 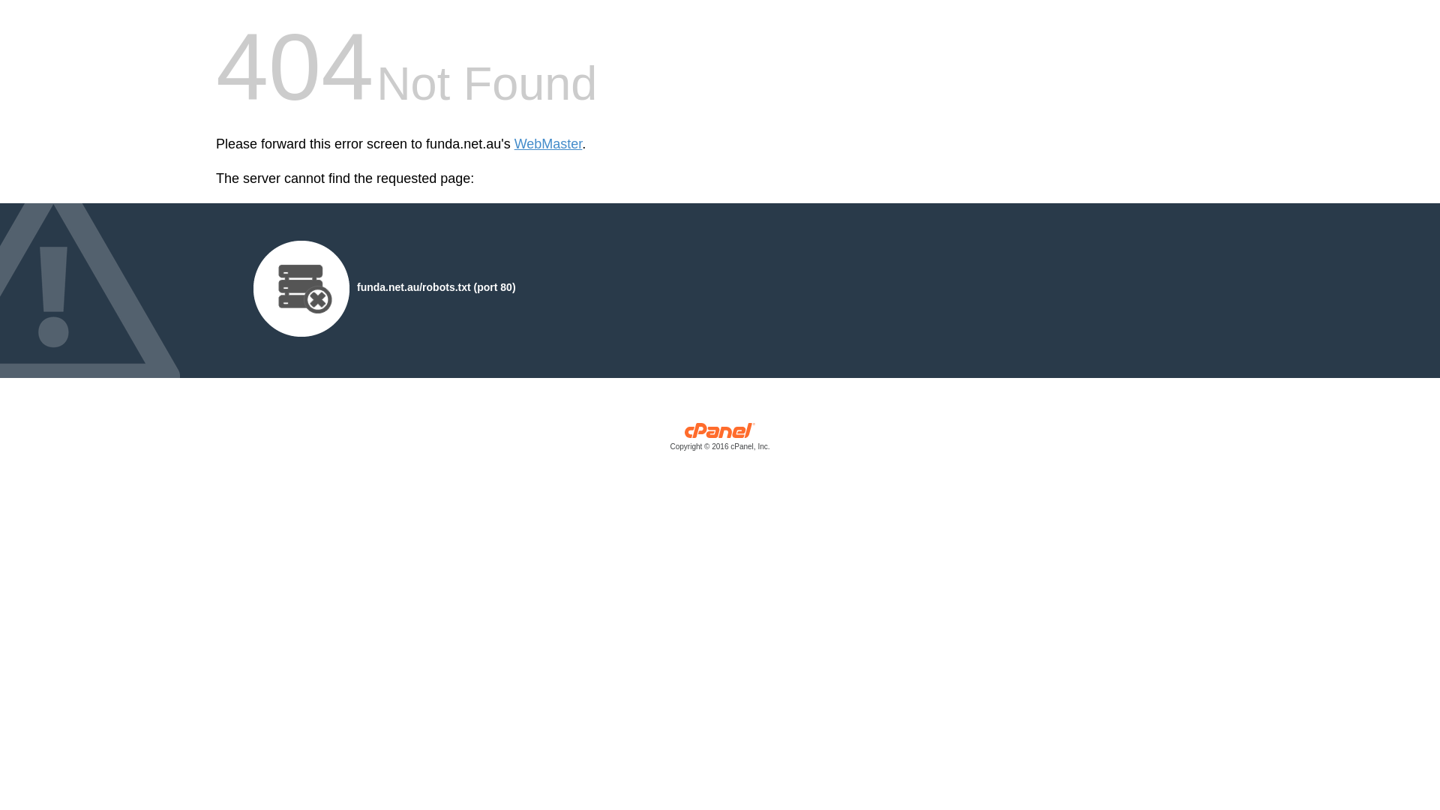 I want to click on 'WebMaster', so click(x=547, y=144).